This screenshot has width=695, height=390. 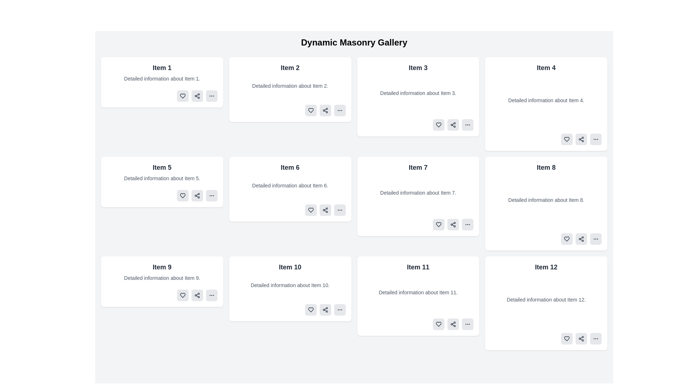 What do you see at coordinates (311, 210) in the screenshot?
I see `the heart-shaped icon within the interactive button for 'Item 6'` at bounding box center [311, 210].